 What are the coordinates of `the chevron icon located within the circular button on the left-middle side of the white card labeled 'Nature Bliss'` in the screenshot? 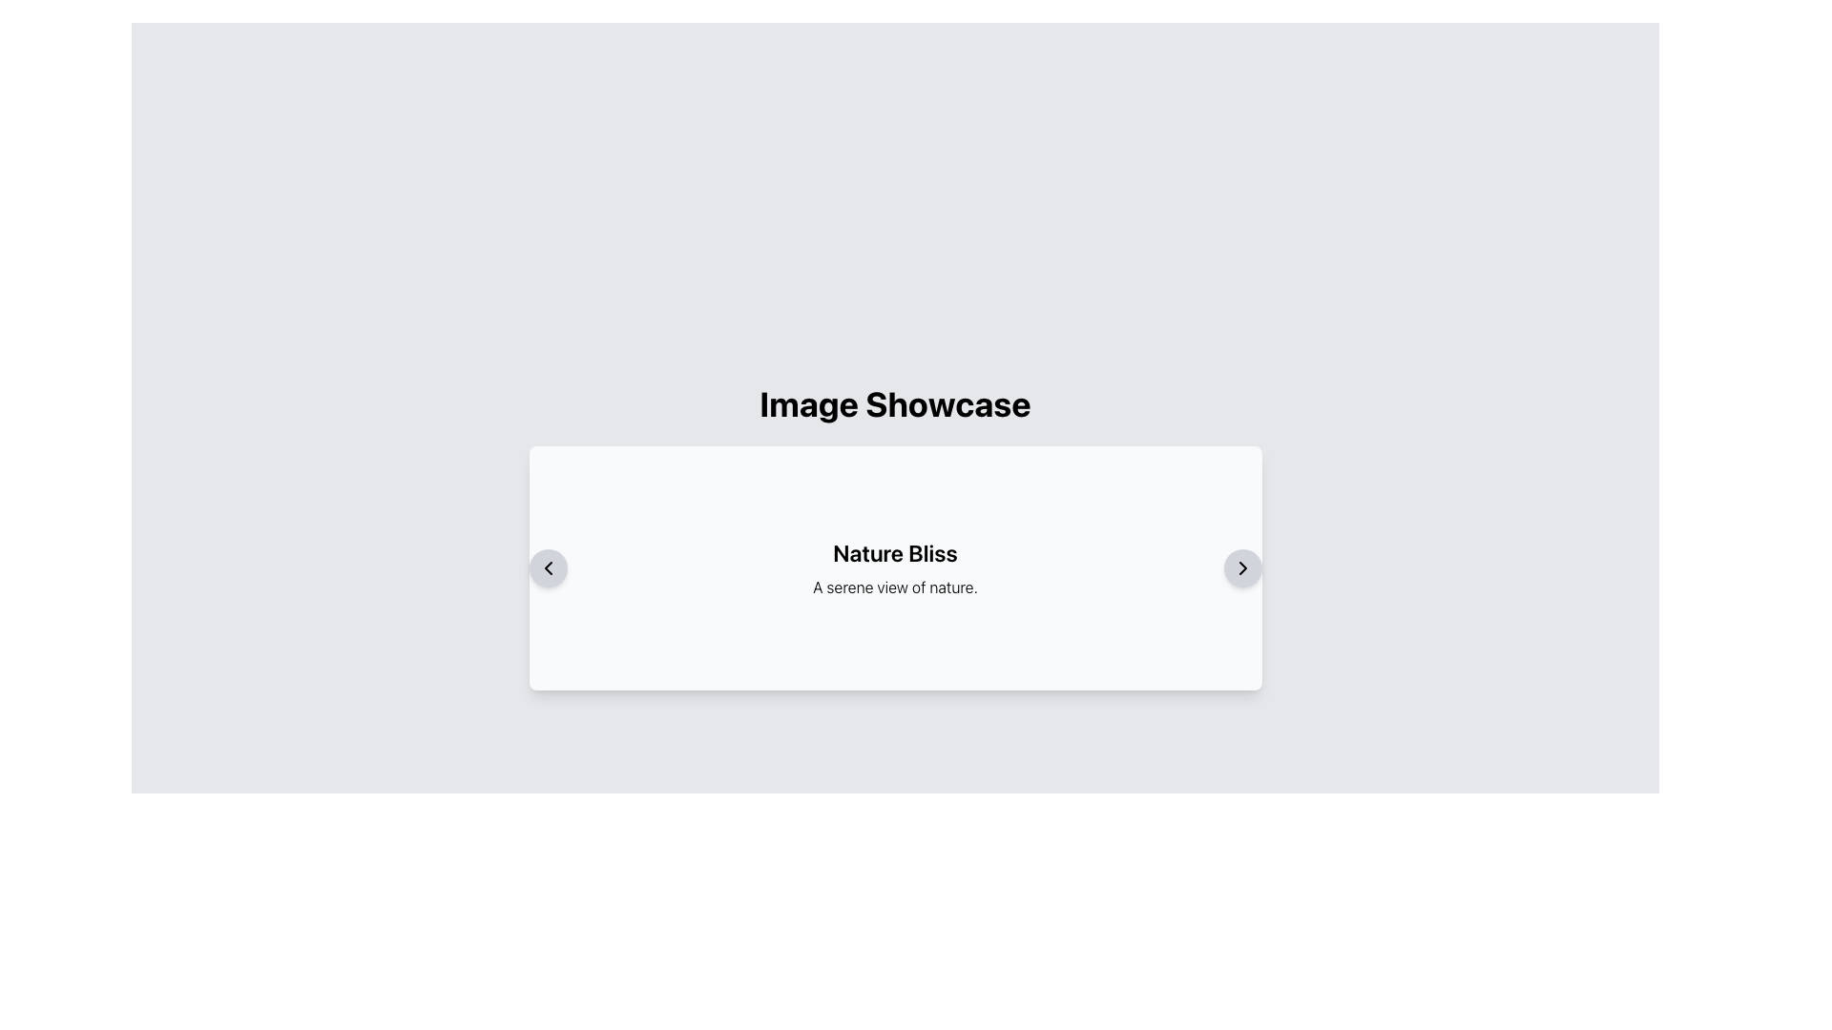 It's located at (547, 567).